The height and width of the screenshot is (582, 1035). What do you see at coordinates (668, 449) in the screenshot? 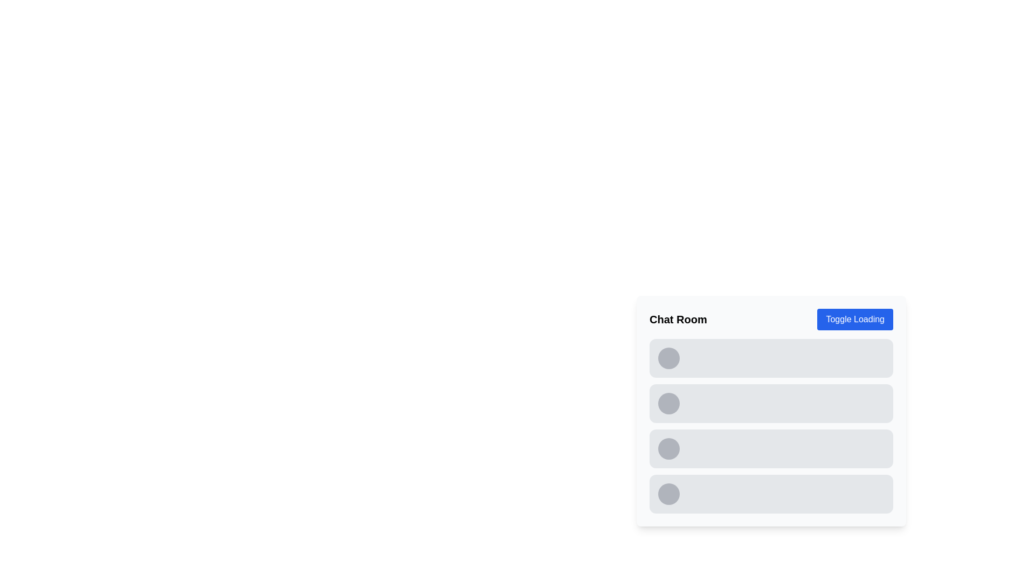
I see `the circular, gray Avatar placeholder located in the fourth row of the Chat Room UI, aligned with other circular elements` at bounding box center [668, 449].